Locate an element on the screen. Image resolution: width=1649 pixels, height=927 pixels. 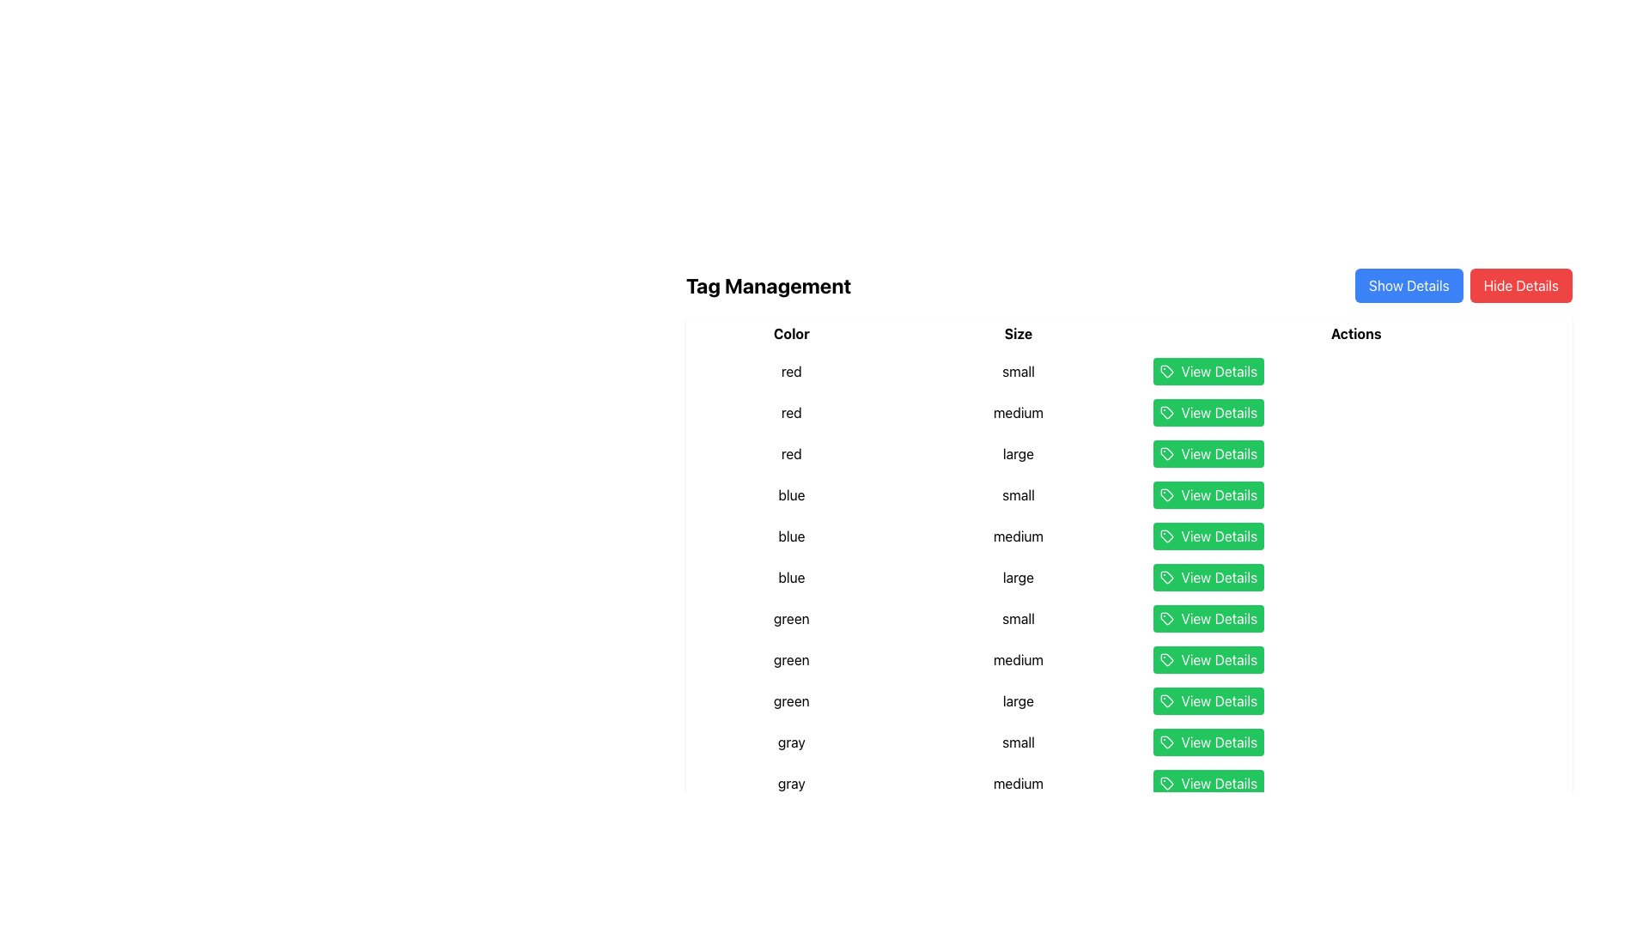
the 'View Details' icon located in the eighth row of the table under the 'Actions' column to enhance the visual indication of its purpose is located at coordinates (1167, 619).